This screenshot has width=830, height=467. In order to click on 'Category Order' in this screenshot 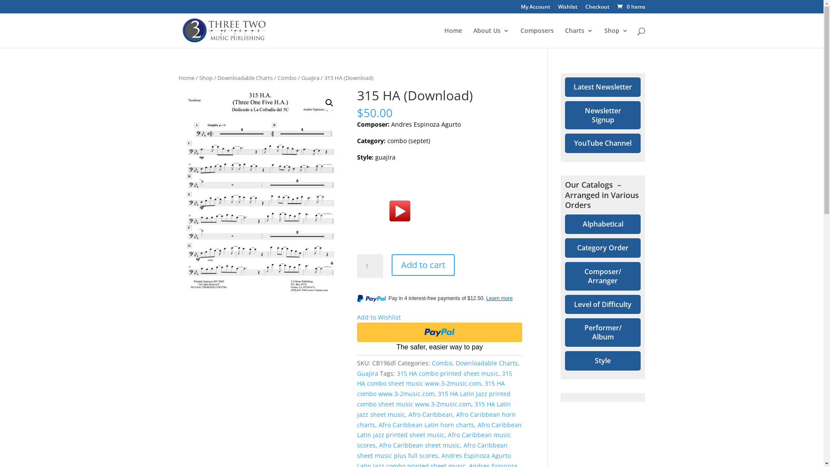, I will do `click(602, 248)`.